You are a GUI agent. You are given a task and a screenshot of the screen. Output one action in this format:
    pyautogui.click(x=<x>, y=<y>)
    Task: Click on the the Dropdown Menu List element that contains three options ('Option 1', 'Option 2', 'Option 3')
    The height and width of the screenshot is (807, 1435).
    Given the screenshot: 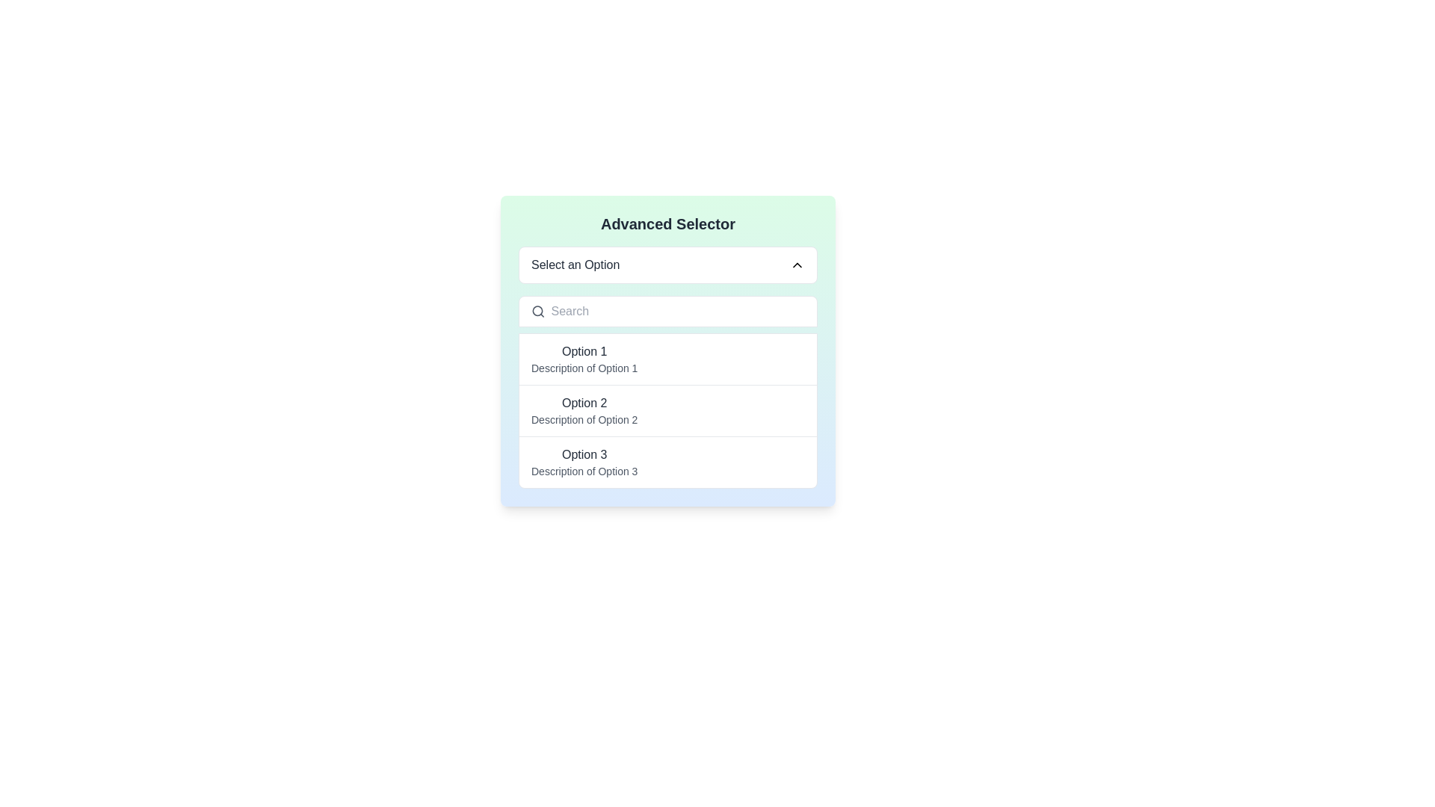 What is the action you would take?
    pyautogui.click(x=667, y=411)
    